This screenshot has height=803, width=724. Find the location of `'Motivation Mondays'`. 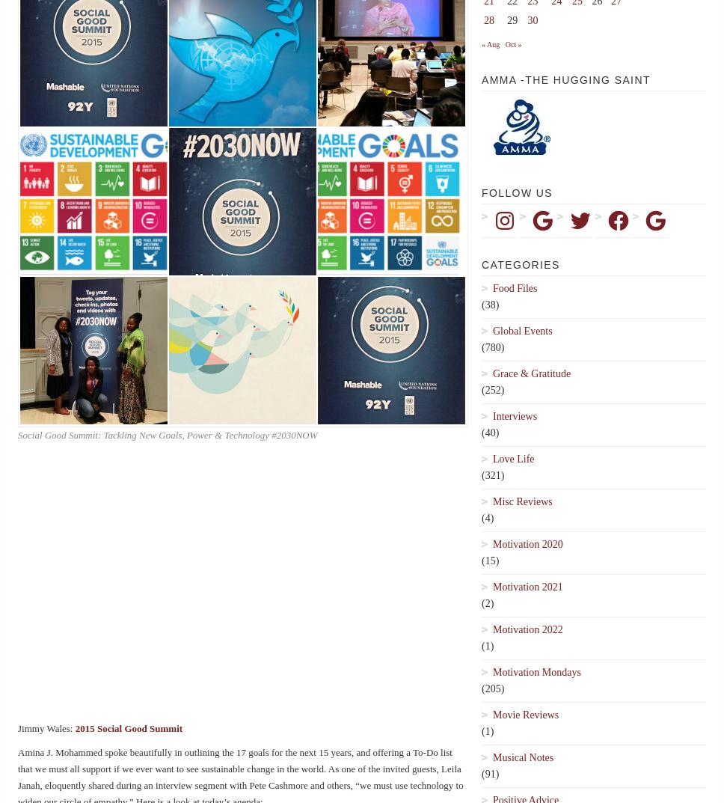

'Motivation Mondays' is located at coordinates (536, 672).